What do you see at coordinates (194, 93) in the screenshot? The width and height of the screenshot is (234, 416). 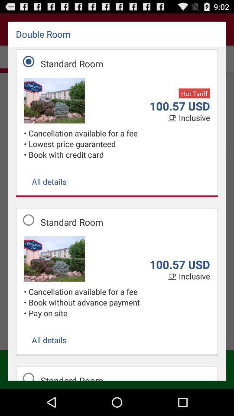 I see `the hot tariff icon` at bounding box center [194, 93].